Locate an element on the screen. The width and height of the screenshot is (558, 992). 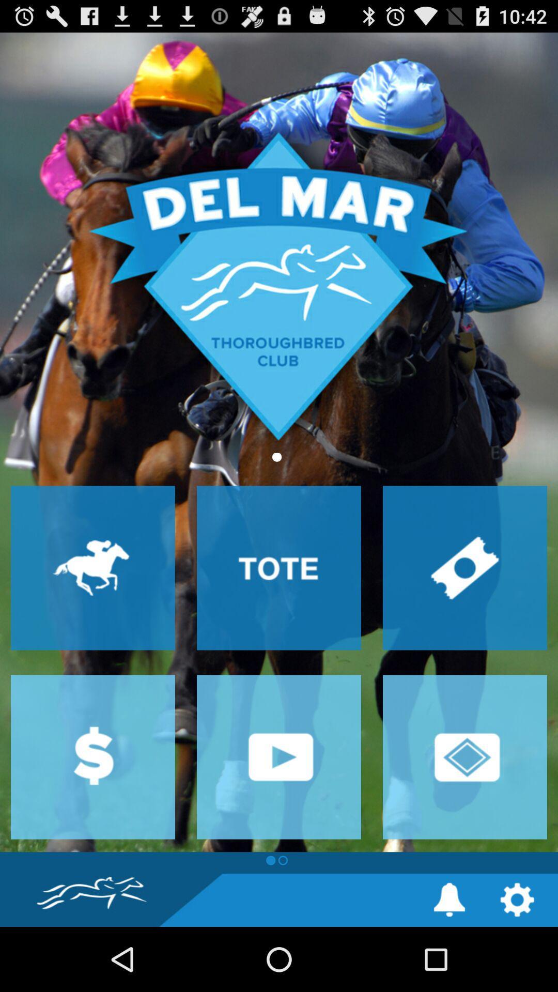
tickets is located at coordinates (464, 567).